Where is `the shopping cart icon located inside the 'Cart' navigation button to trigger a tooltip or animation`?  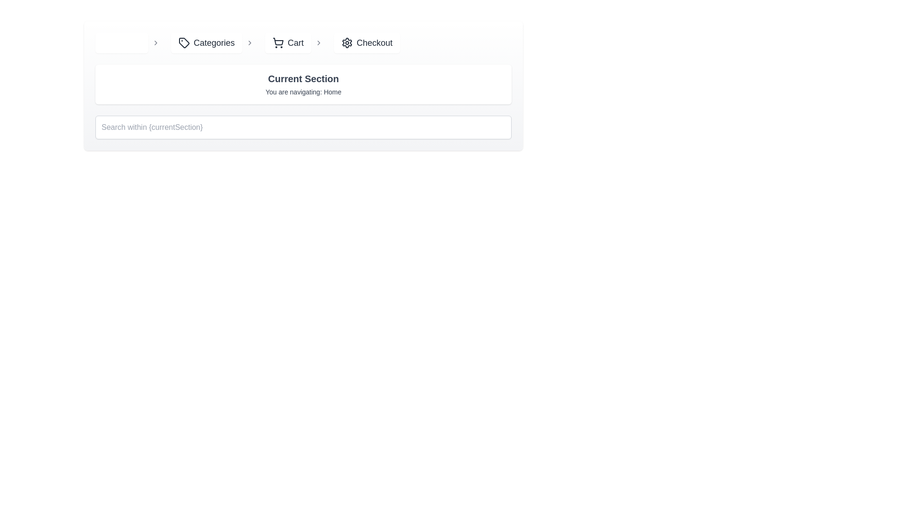 the shopping cart icon located inside the 'Cart' navigation button to trigger a tooltip or animation is located at coordinates (278, 43).